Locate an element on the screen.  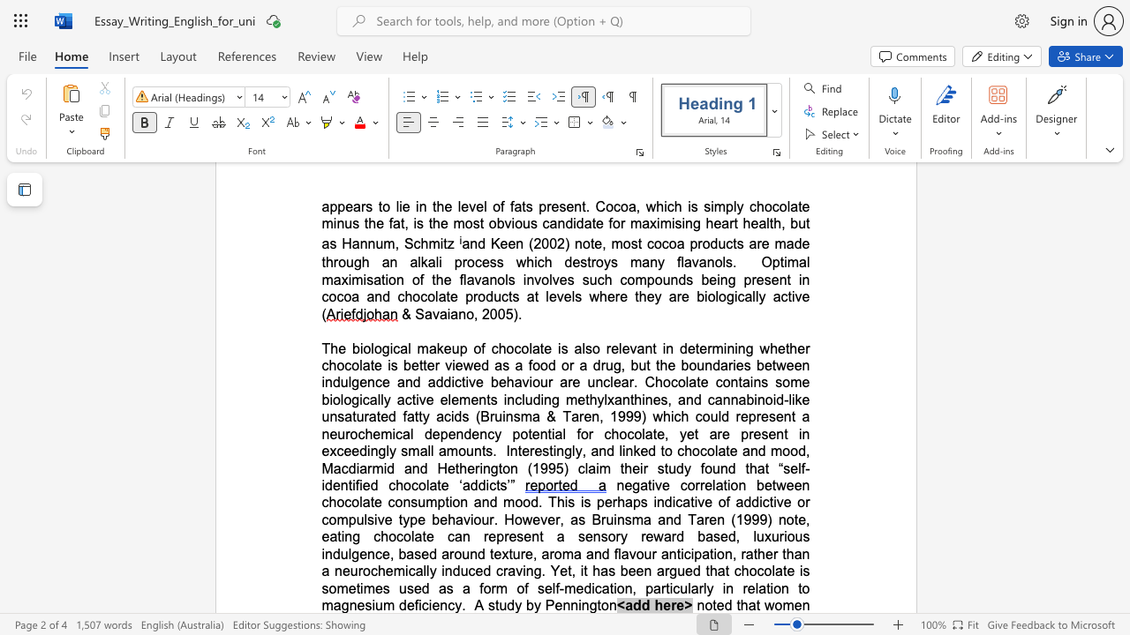
the subset text "ication, particularly in relation t" within the text "and flavour anticipation, rather than a neurochemically induced craving. Yet, it has been argued that chocolate is sometimes used as a form of self-medication, particularly in relation to magnesium deficiency" is located at coordinates (591, 588).